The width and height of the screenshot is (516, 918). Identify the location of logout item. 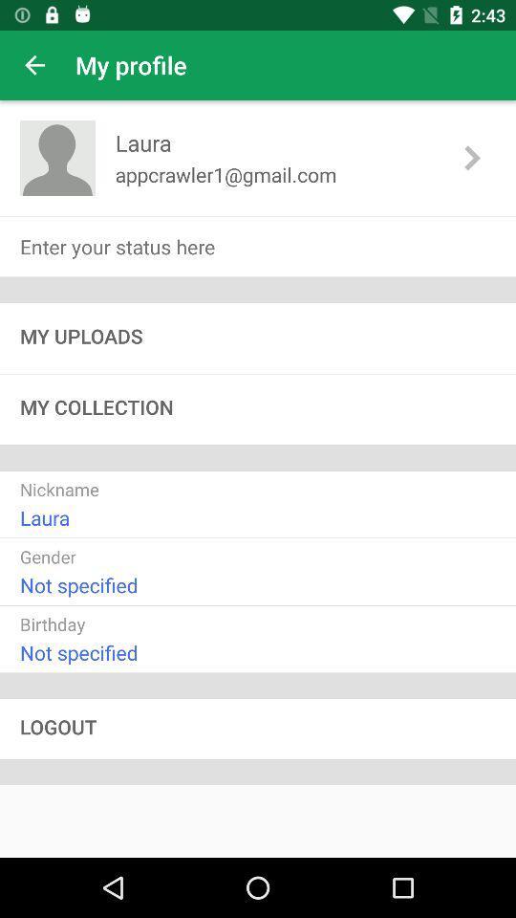
(258, 728).